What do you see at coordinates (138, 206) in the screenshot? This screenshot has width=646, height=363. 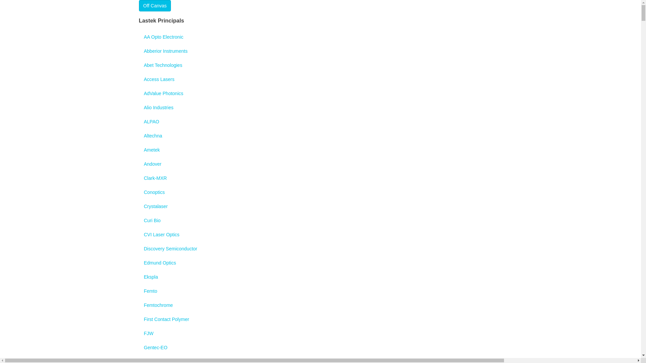 I see `'Crystalaser'` at bounding box center [138, 206].